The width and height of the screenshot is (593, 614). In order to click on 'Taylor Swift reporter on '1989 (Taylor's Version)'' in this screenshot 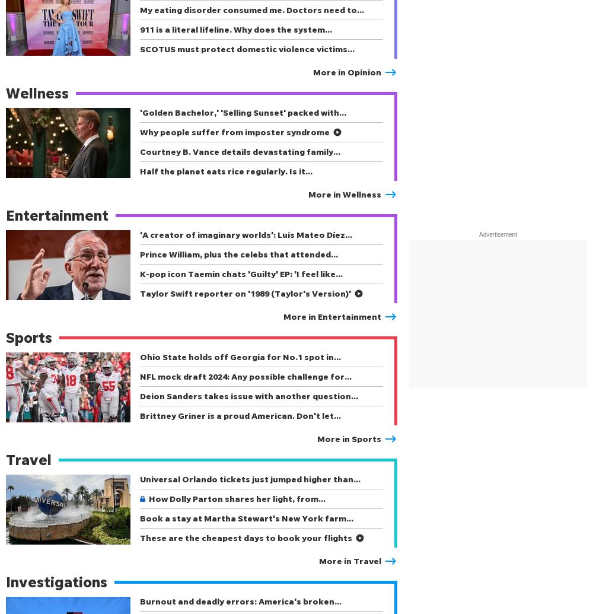, I will do `click(246, 293)`.